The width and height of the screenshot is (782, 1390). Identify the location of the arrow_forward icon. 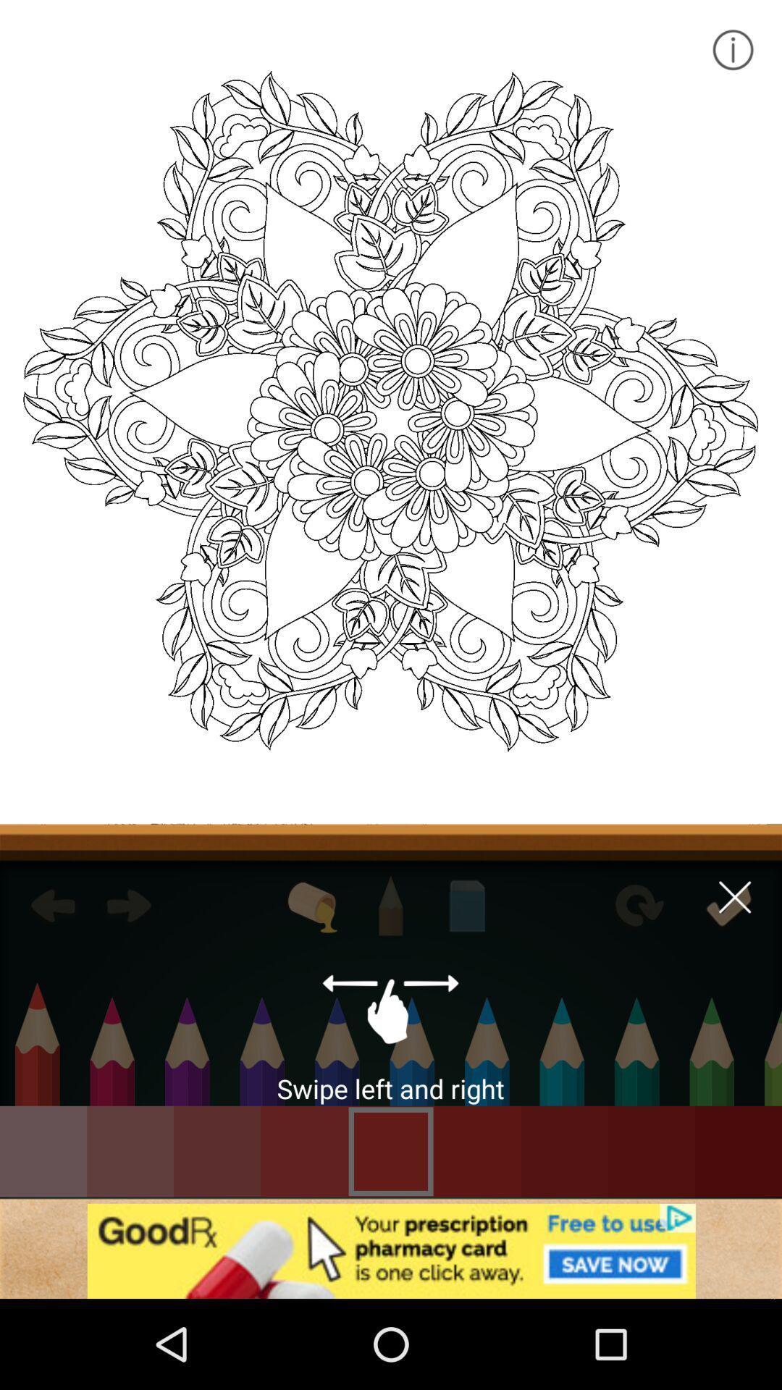
(128, 905).